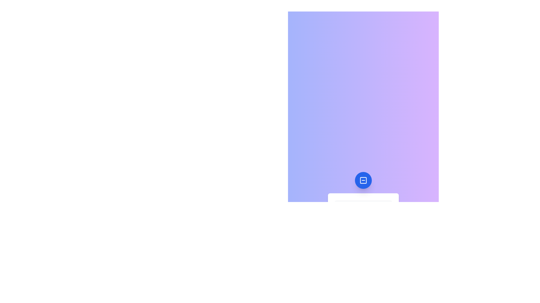 This screenshot has width=540, height=303. I want to click on the button to toggle the menu visibility, so click(363, 180).